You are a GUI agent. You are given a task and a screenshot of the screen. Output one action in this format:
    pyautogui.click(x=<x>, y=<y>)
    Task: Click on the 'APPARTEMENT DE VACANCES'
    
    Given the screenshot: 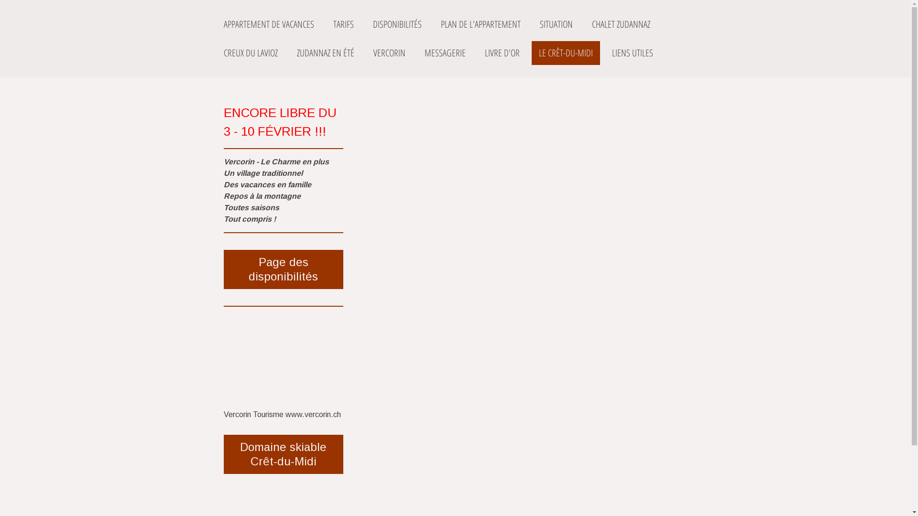 What is the action you would take?
    pyautogui.click(x=268, y=23)
    